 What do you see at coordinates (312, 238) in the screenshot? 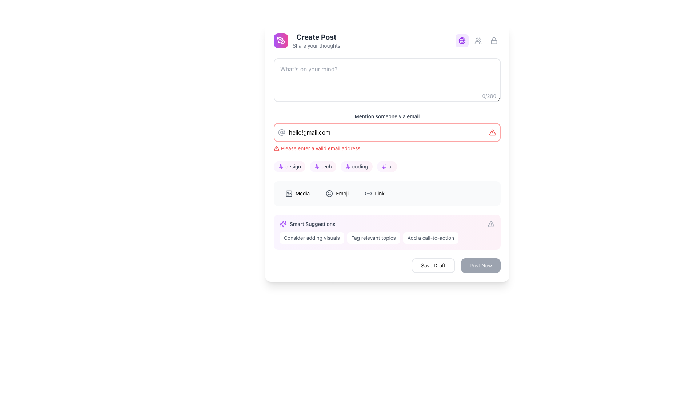
I see `the rectangular button labeled 'Consider adding visuals' with a small gray font located at the bottom of the form` at bounding box center [312, 238].